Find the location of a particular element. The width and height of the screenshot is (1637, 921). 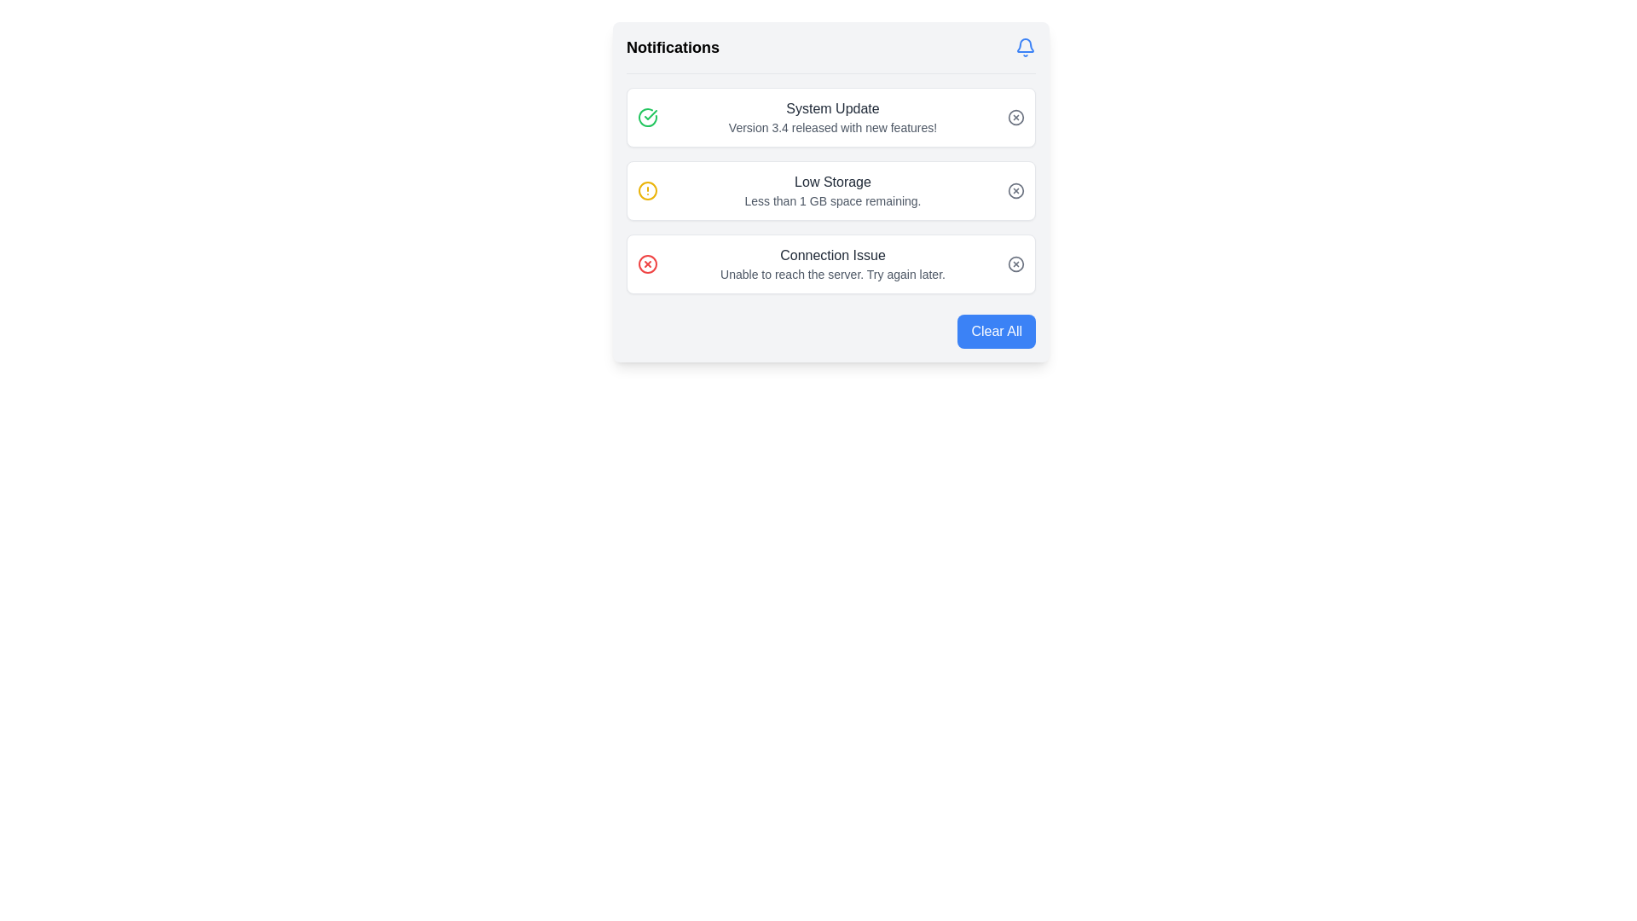

the alert icon indicating a 'Connection Issue' located as the leftmost visual indicator within the notification block is located at coordinates (646, 264).